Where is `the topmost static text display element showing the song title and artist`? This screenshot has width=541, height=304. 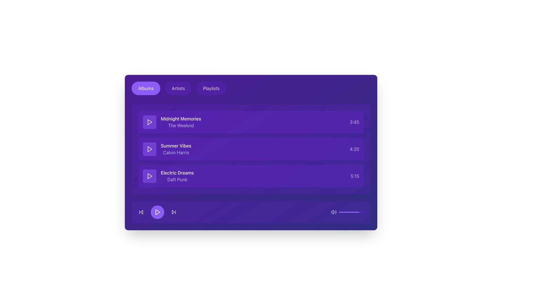 the topmost static text display element showing the song title and artist is located at coordinates (181, 122).